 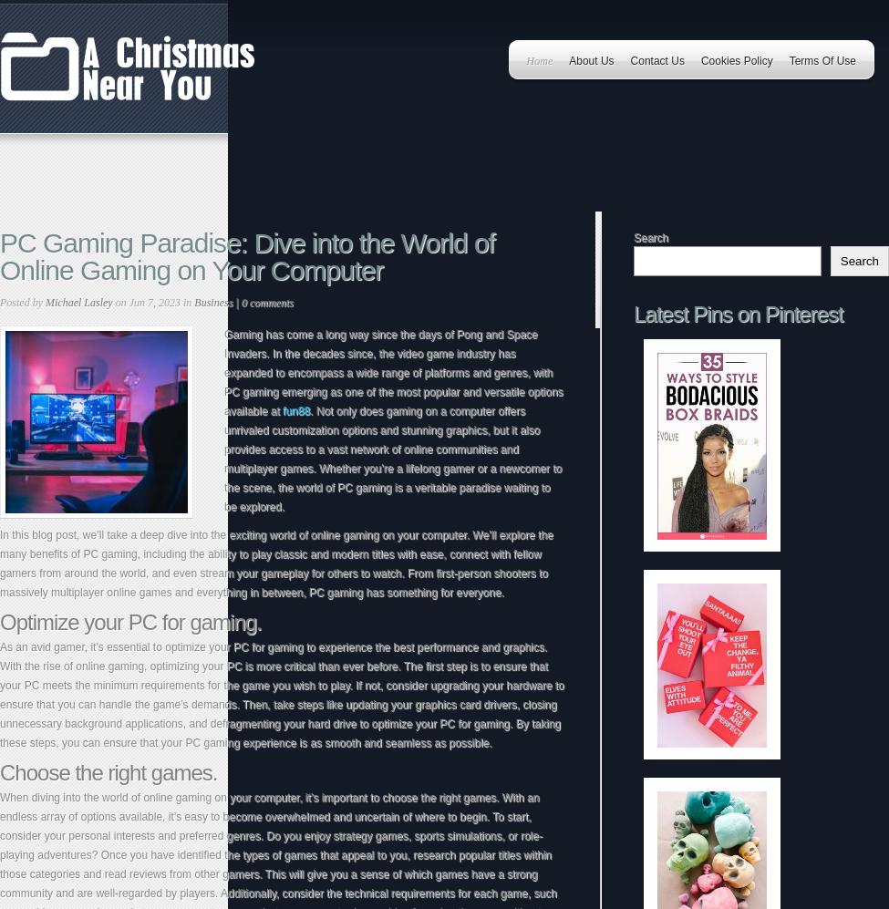 What do you see at coordinates (393, 372) in the screenshot?
I see `'Gaming has come a long way since the days of Pong and Space Invaders. In the decades since, the video game industry has expanded to encompass a wide range of platforms and genres, with PC gaming emerging as one of the most popular and versatile options available at'` at bounding box center [393, 372].